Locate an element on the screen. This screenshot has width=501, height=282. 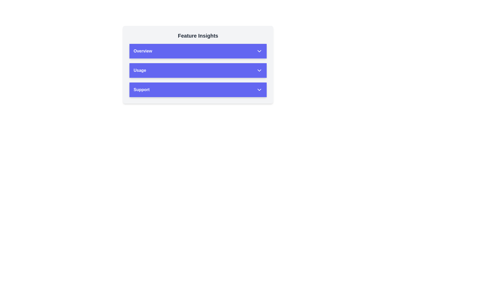
the label that indicates the purpose of the associated section, which is styled with a purple background and white text, located between the 'Overview' and 'Support' sections is located at coordinates (140, 70).